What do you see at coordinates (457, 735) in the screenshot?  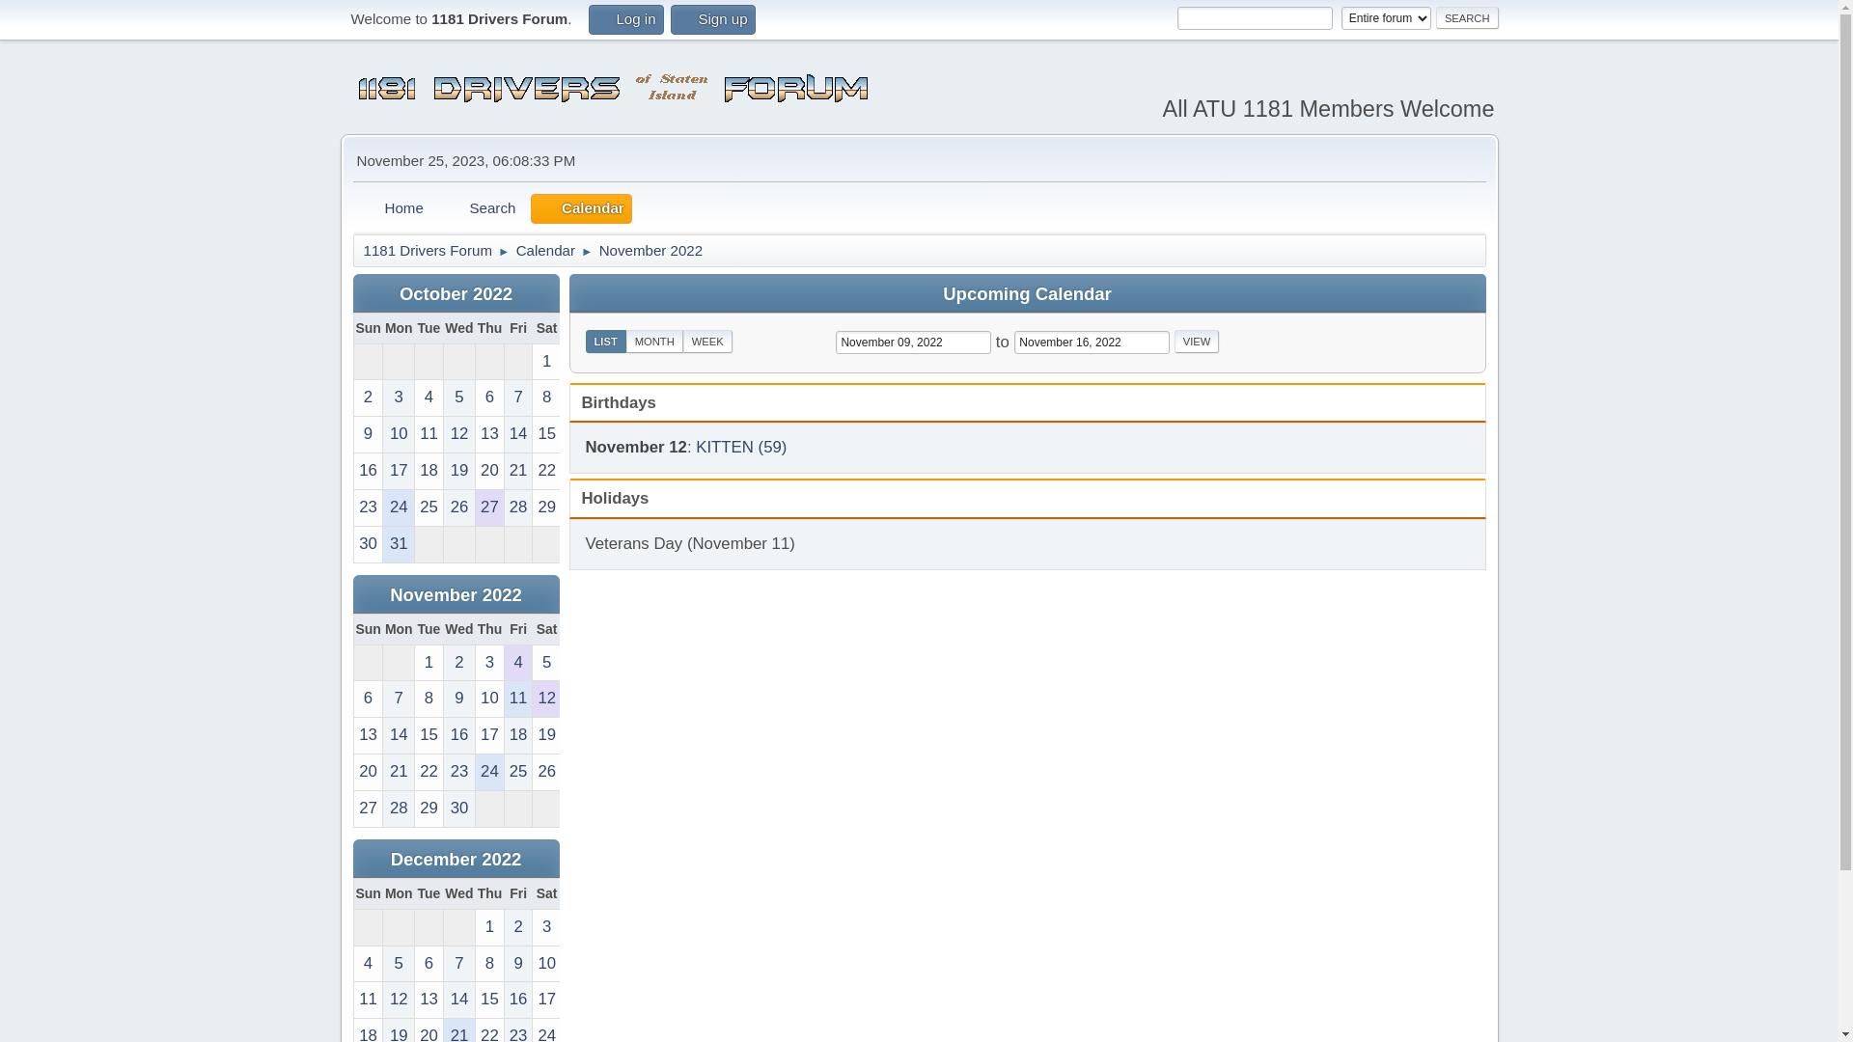 I see `'16'` at bounding box center [457, 735].